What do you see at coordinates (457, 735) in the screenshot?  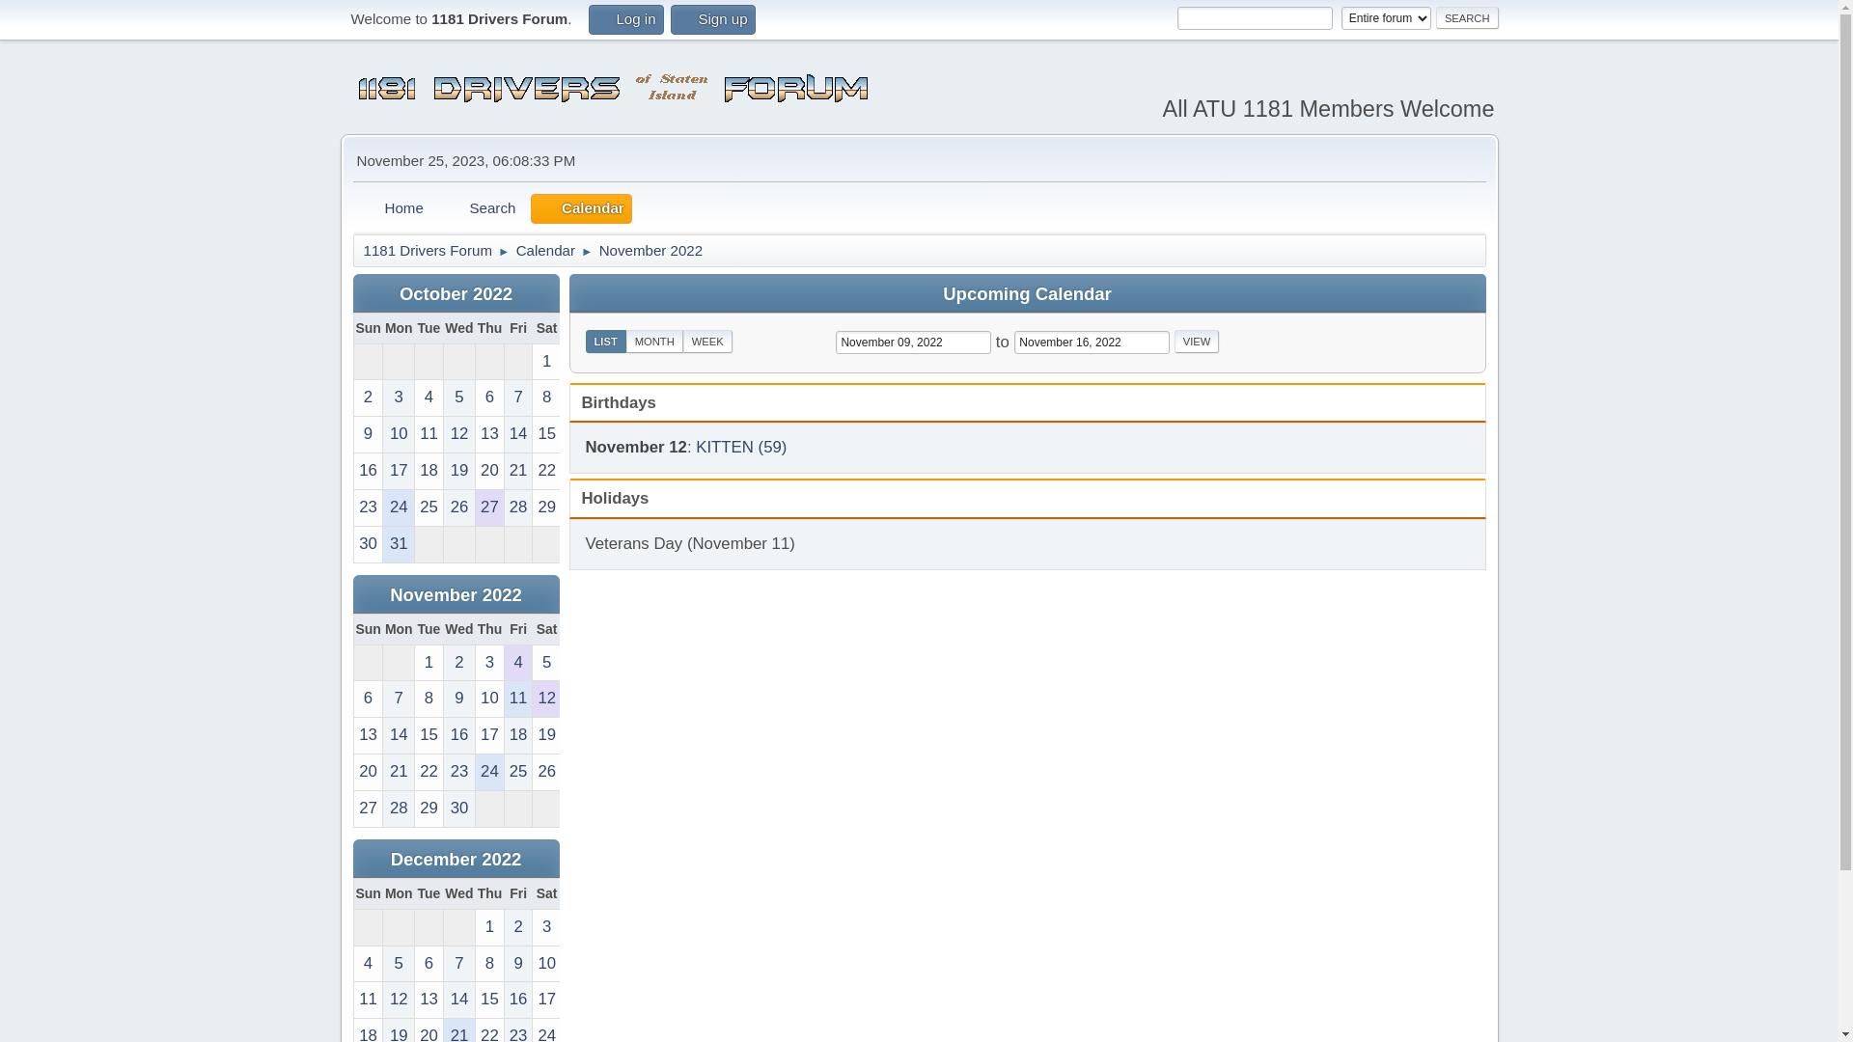 I see `'16'` at bounding box center [457, 735].